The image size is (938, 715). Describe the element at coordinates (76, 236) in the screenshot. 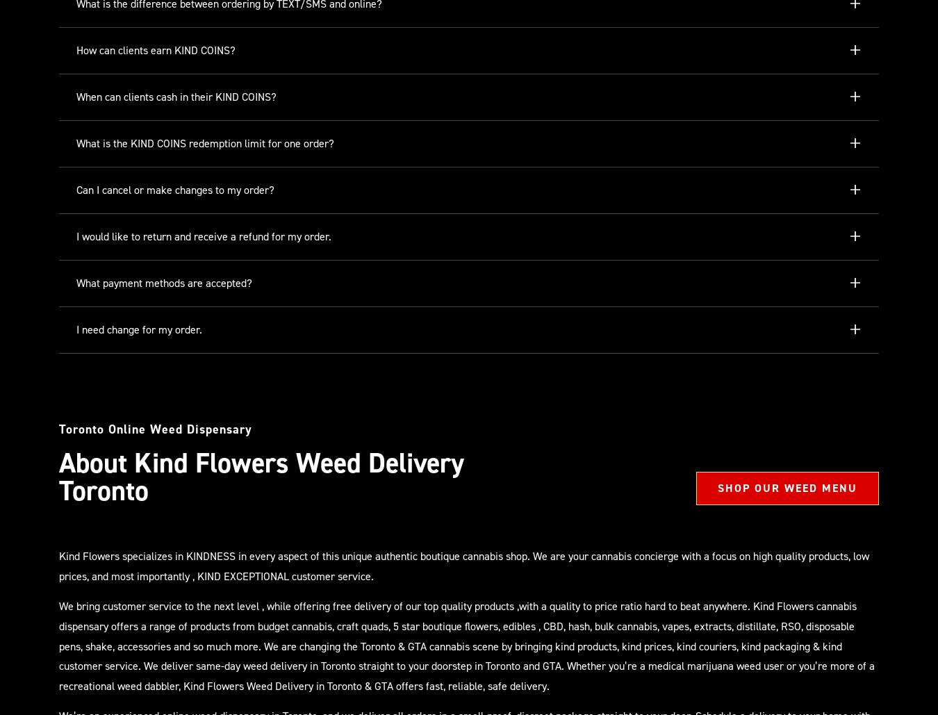

I see `'I would like to return and receive a refund for my order.'` at that location.